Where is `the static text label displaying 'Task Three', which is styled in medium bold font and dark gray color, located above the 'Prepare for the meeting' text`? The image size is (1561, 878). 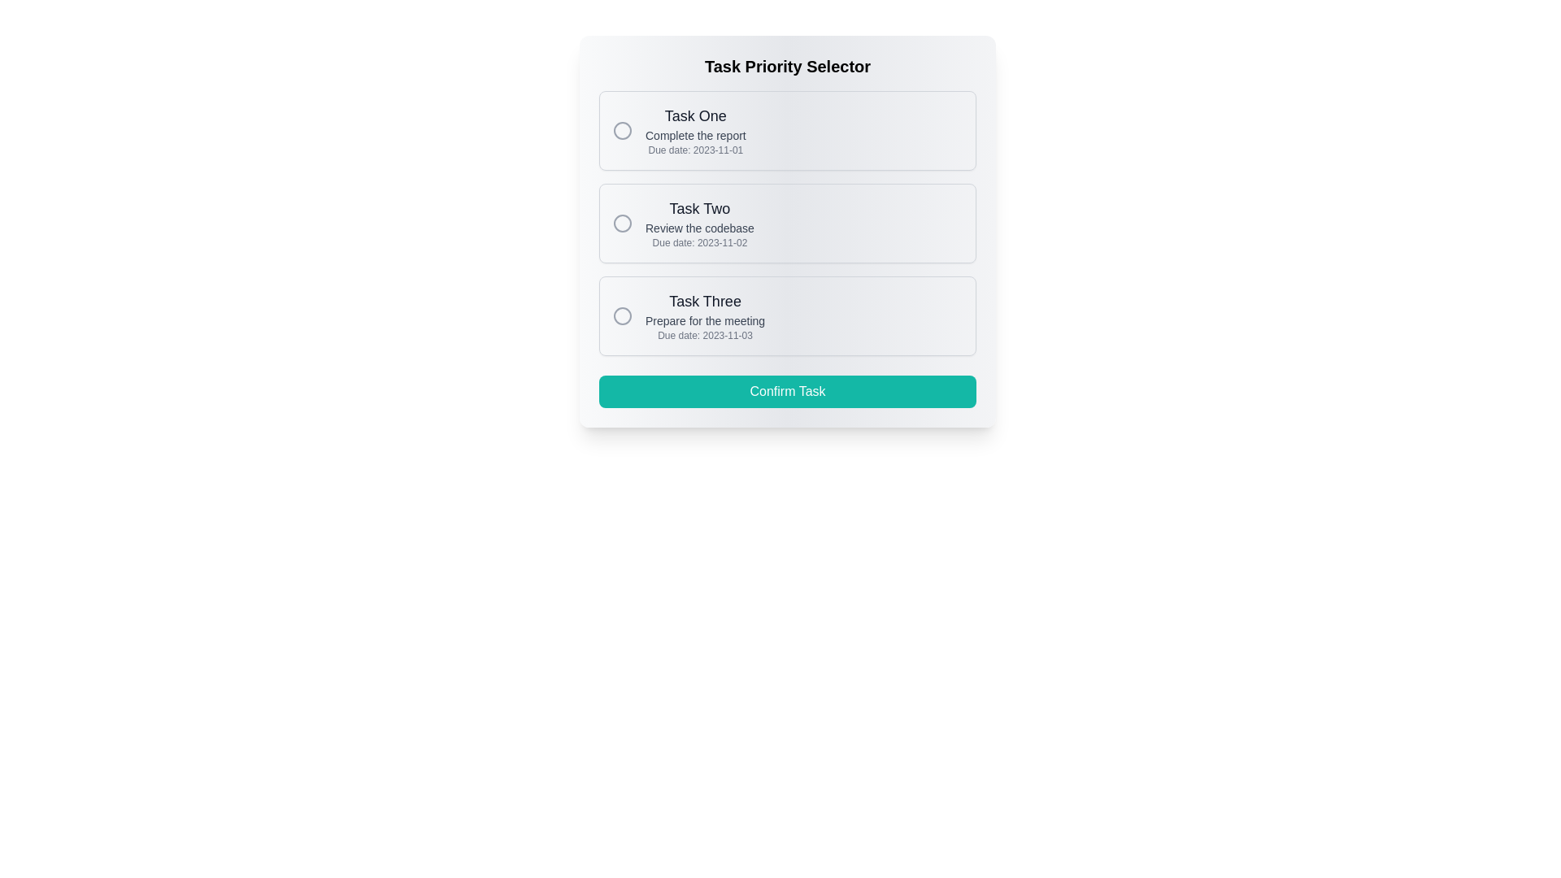 the static text label displaying 'Task Three', which is styled in medium bold font and dark gray color, located above the 'Prepare for the meeting' text is located at coordinates (705, 301).